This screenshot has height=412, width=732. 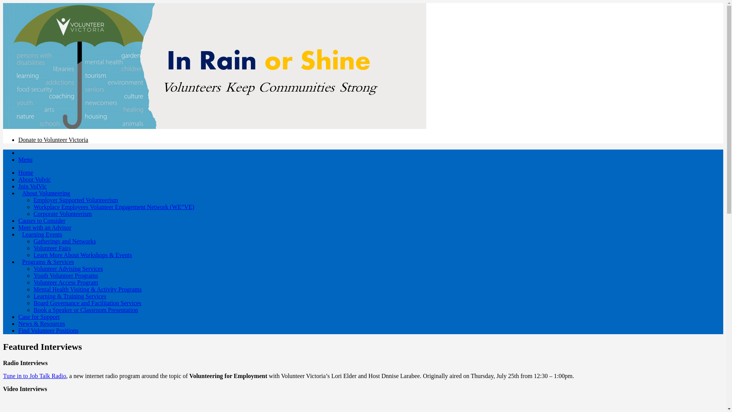 I want to click on 'About Volvic', so click(x=34, y=179).